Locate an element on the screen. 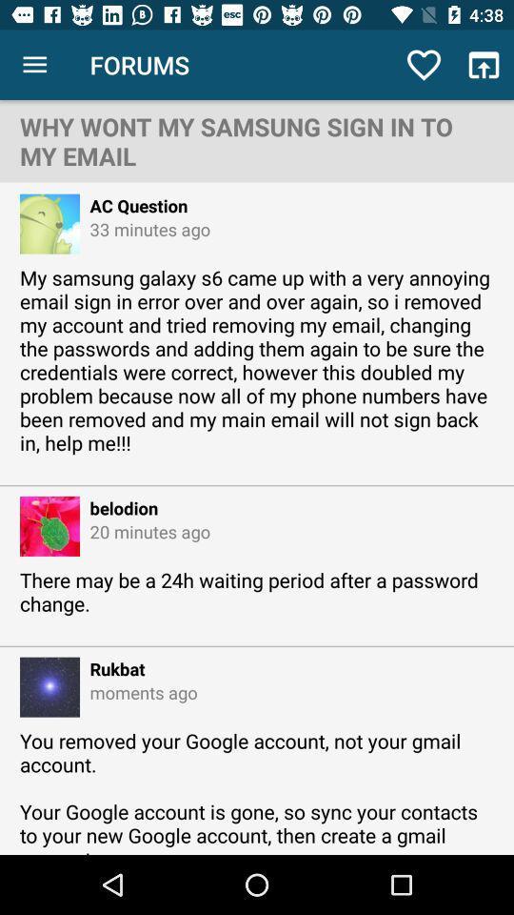 The image size is (514, 915). icon above why wont my icon is located at coordinates (34, 65).